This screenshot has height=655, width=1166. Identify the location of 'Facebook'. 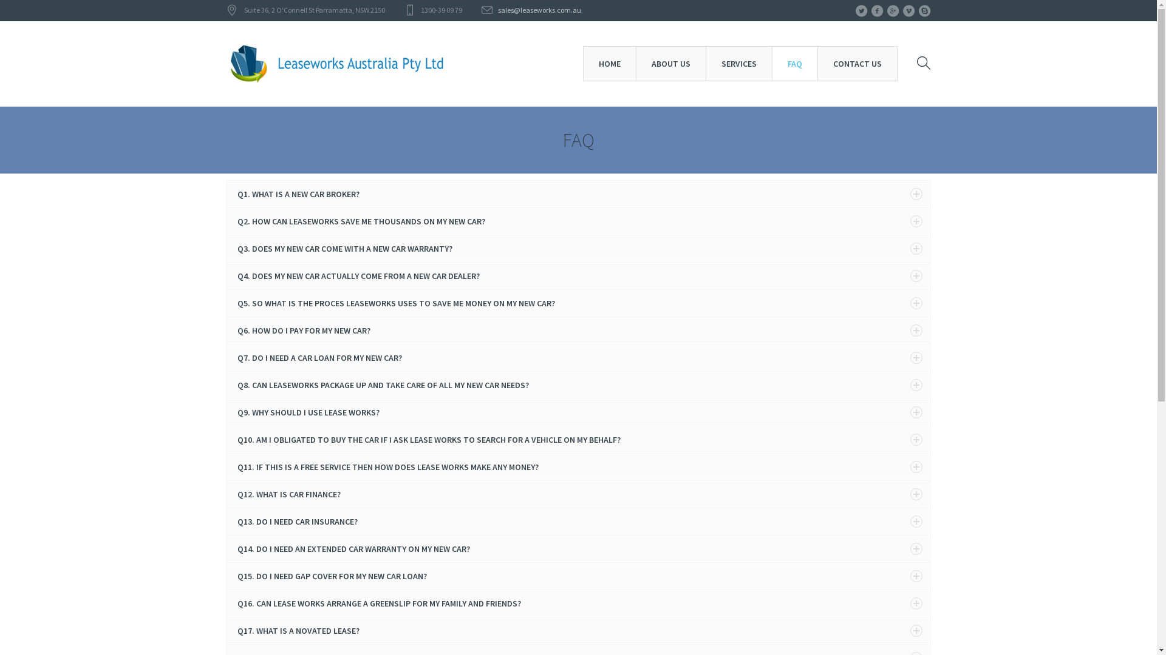
(877, 11).